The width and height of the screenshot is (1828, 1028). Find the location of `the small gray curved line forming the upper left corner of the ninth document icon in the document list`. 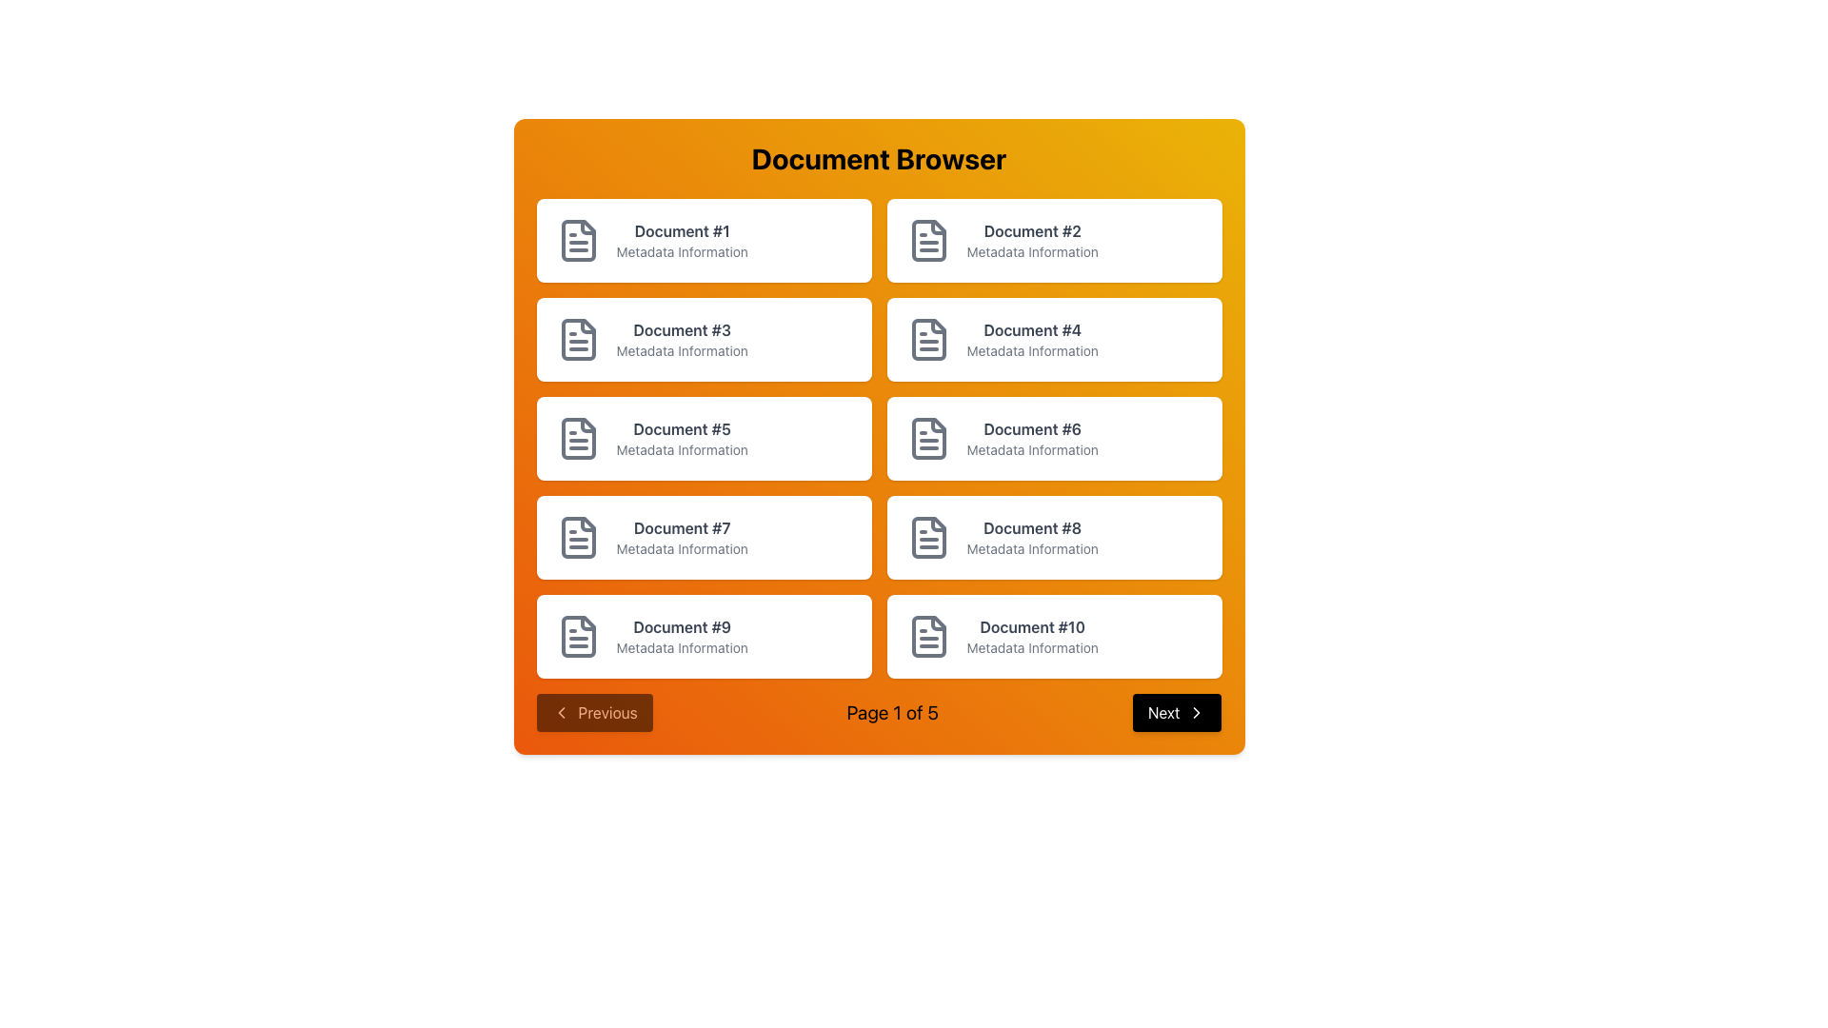

the small gray curved line forming the upper left corner of the ninth document icon in the document list is located at coordinates (586, 623).